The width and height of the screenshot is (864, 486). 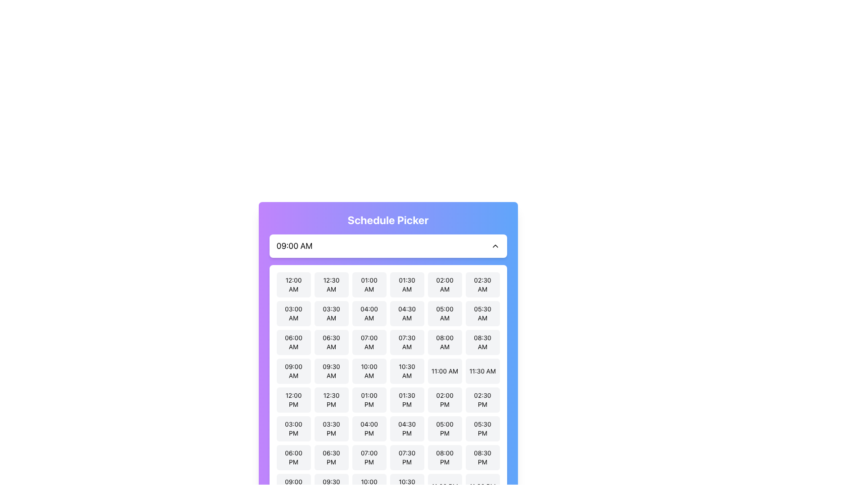 What do you see at coordinates (445, 428) in the screenshot?
I see `the button labeled '05:00 PM', which has a gray background that turns purple on hover and is positioned in the sixth column and row of a grid layout` at bounding box center [445, 428].